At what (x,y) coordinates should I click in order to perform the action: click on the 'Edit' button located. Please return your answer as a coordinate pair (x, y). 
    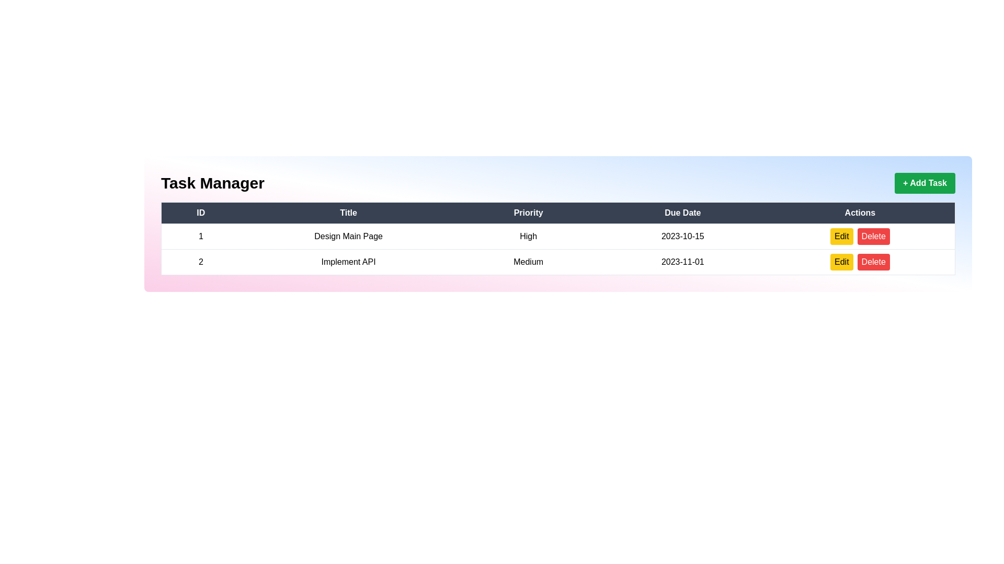
    Looking at the image, I should click on (841, 261).